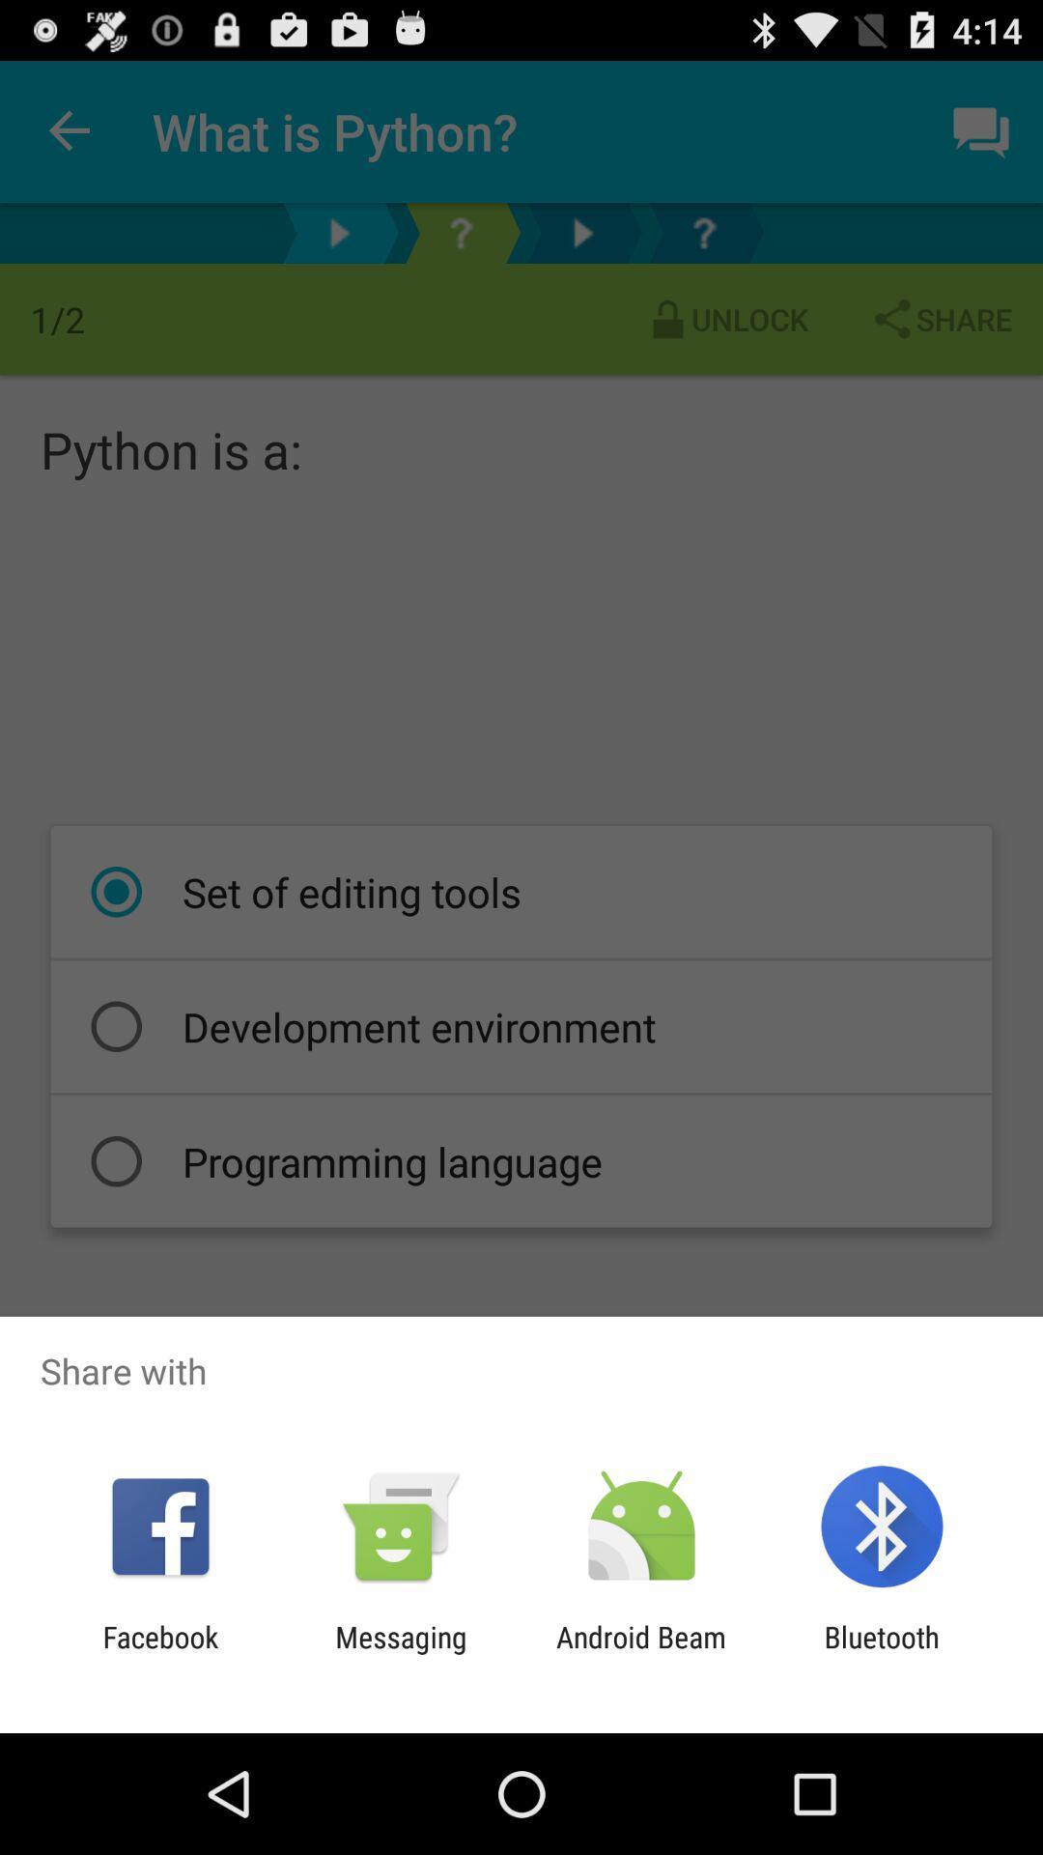 The image size is (1043, 1855). What do you see at coordinates (641, 1653) in the screenshot?
I see `the android beam` at bounding box center [641, 1653].